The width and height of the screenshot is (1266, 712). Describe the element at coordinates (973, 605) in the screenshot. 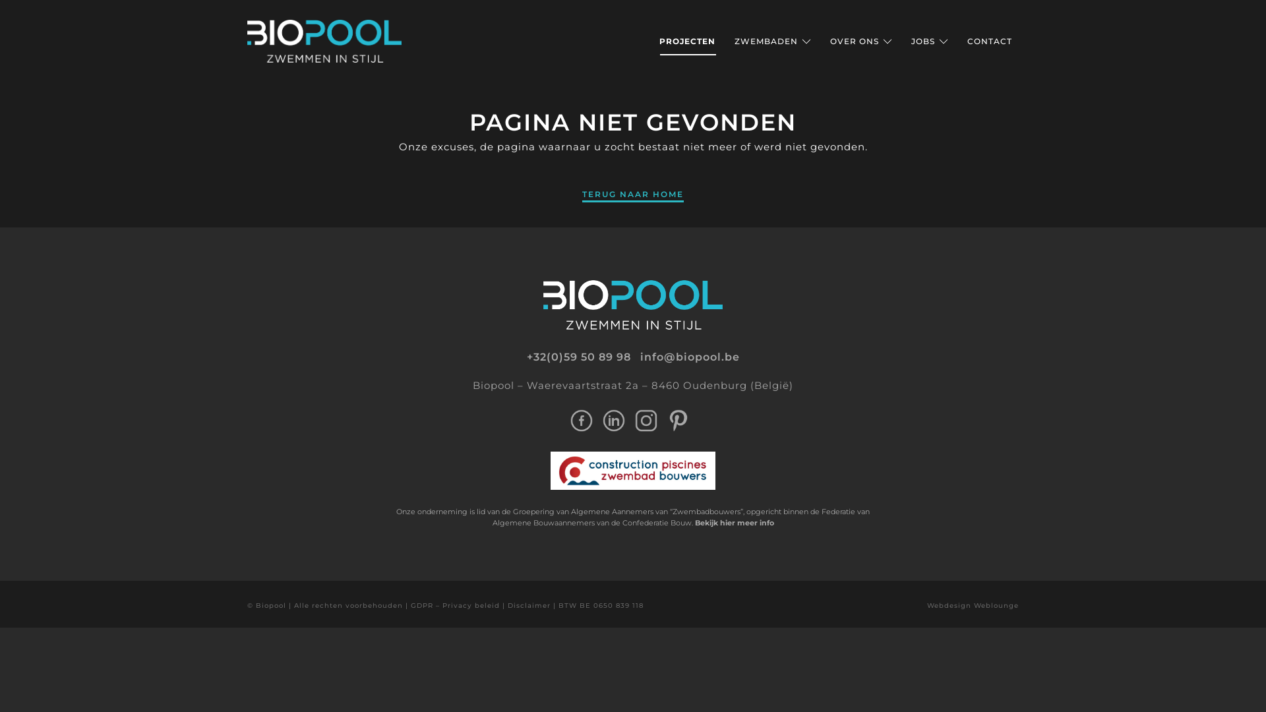

I see `'Webdesign Weblounge'` at that location.